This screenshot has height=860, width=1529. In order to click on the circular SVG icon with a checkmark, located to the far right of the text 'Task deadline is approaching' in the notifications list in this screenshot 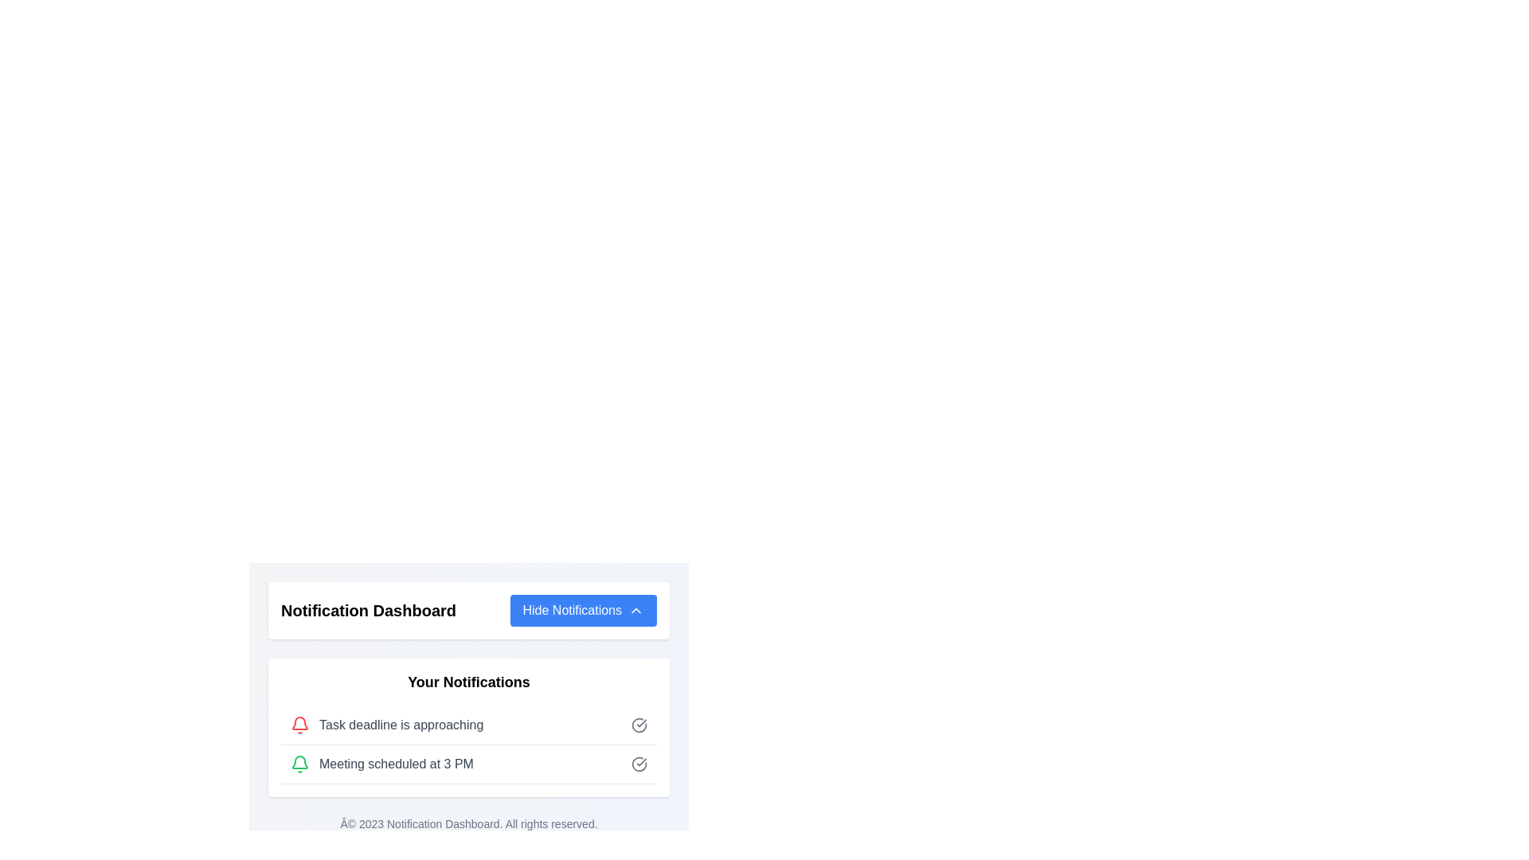, I will do `click(639, 725)`.